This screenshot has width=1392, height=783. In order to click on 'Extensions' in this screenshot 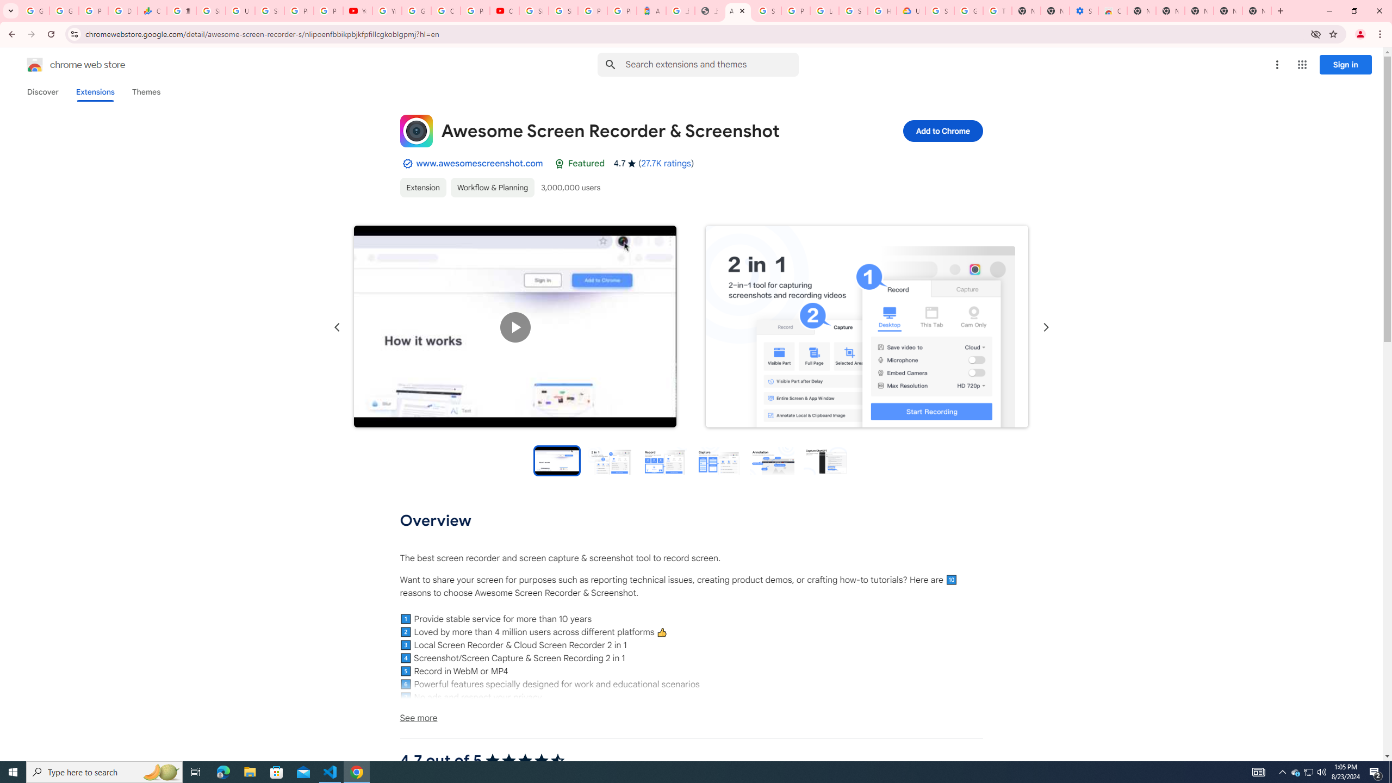, I will do `click(95, 91)`.